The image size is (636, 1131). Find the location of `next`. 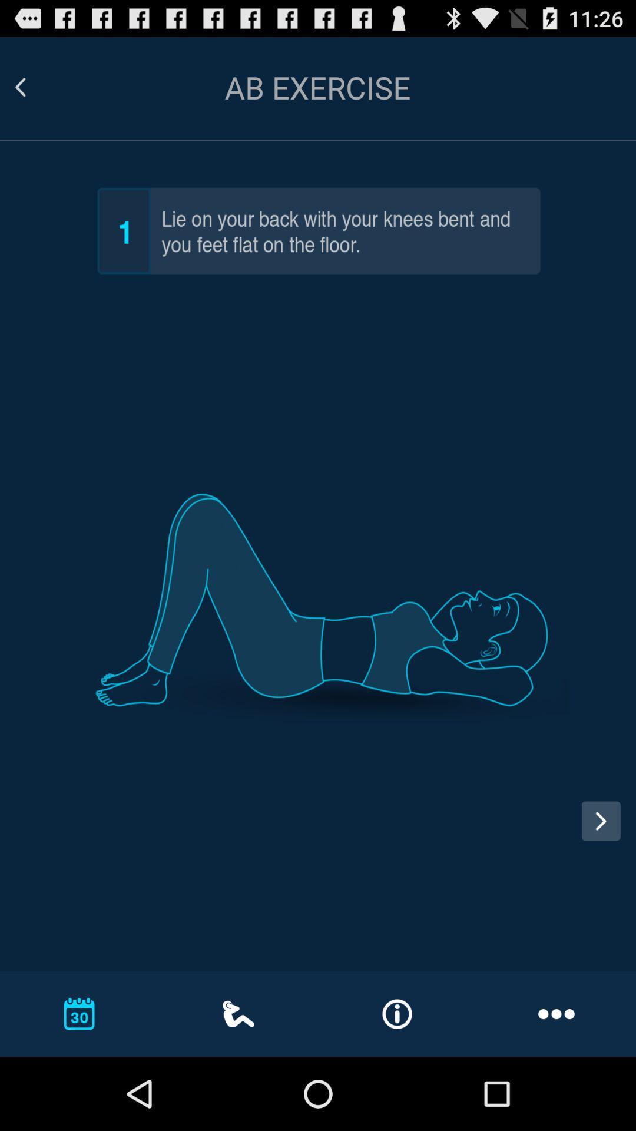

next is located at coordinates (605, 831).